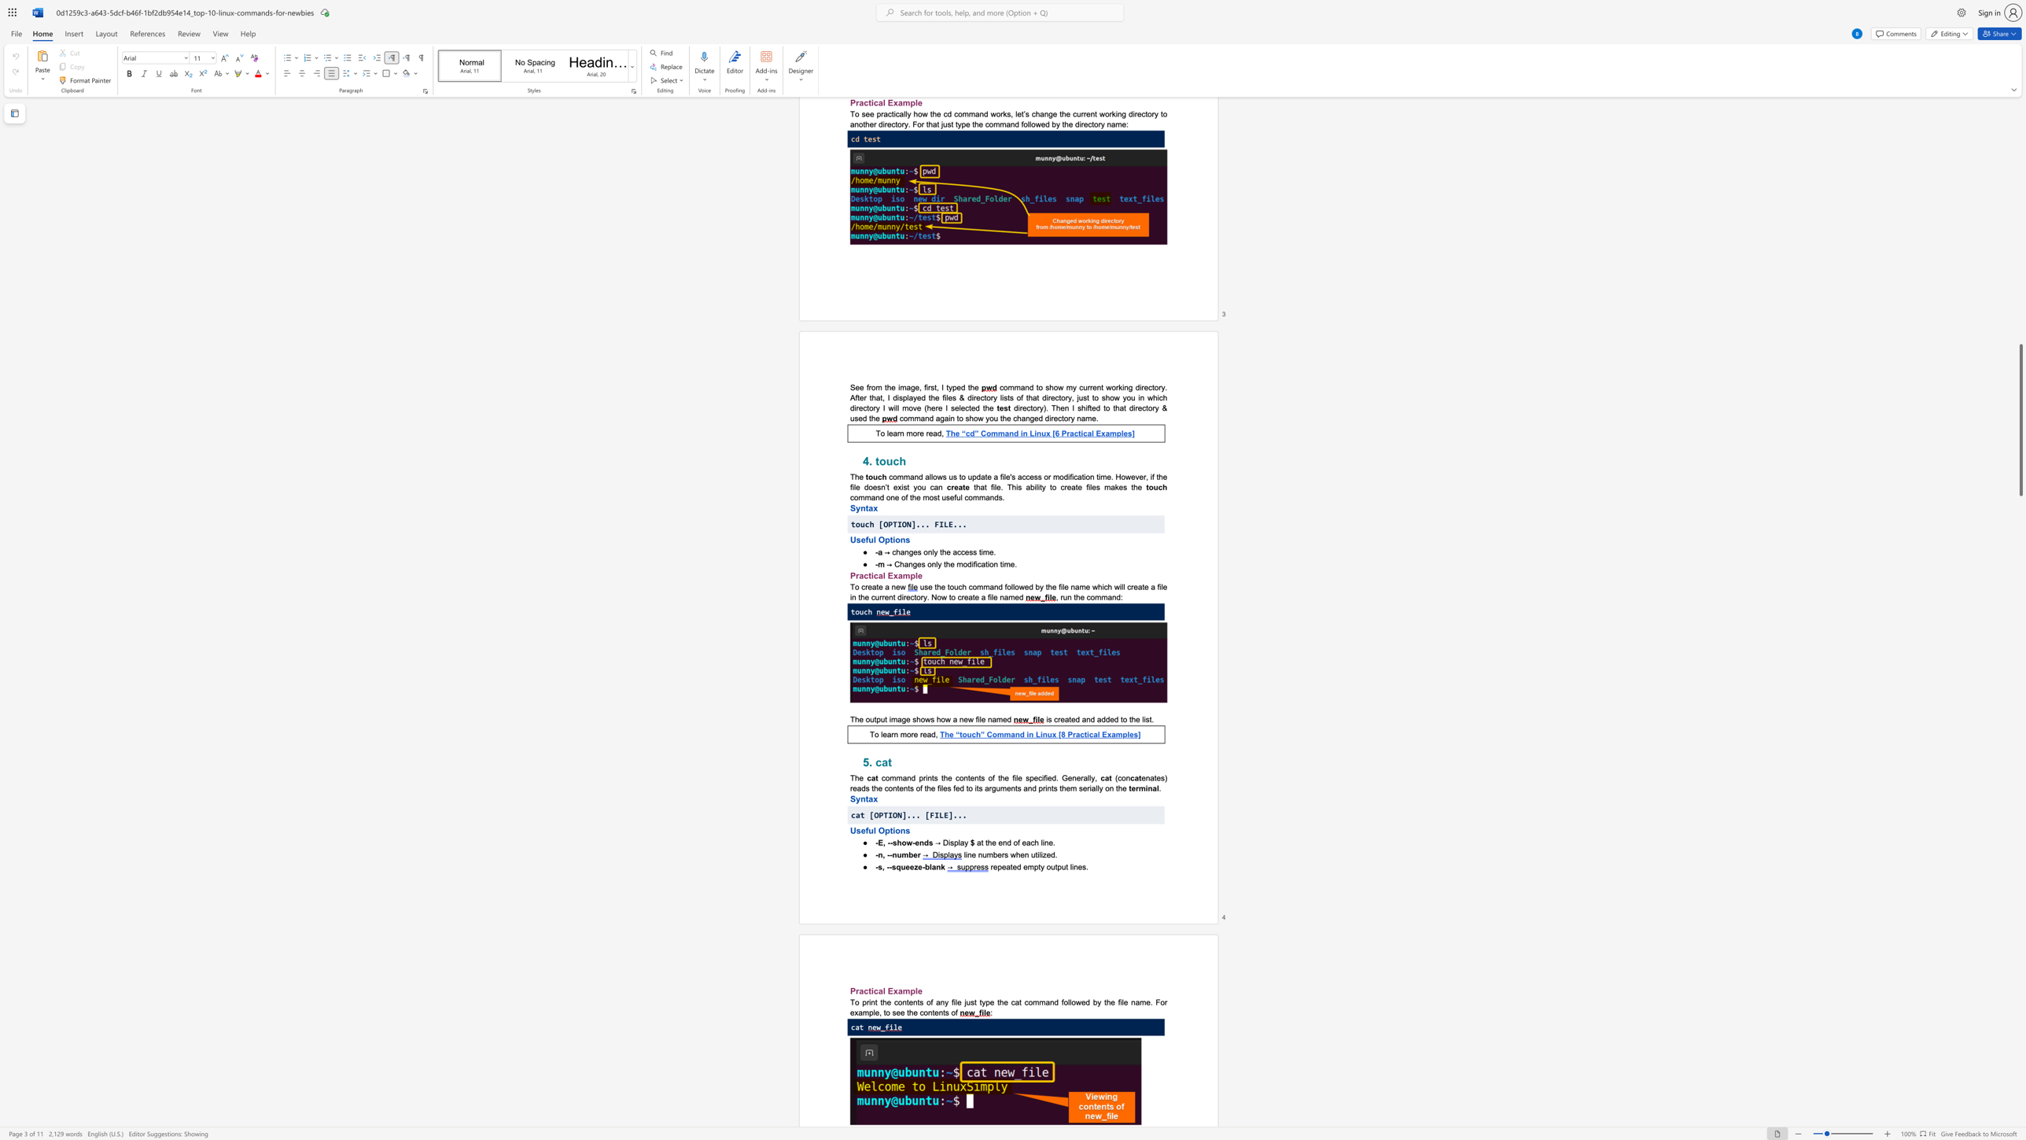 The height and width of the screenshot is (1140, 2026). What do you see at coordinates (859, 719) in the screenshot?
I see `the subset text "e output image shows how a new file na" within the text "The output image shows how a new file named"` at bounding box center [859, 719].